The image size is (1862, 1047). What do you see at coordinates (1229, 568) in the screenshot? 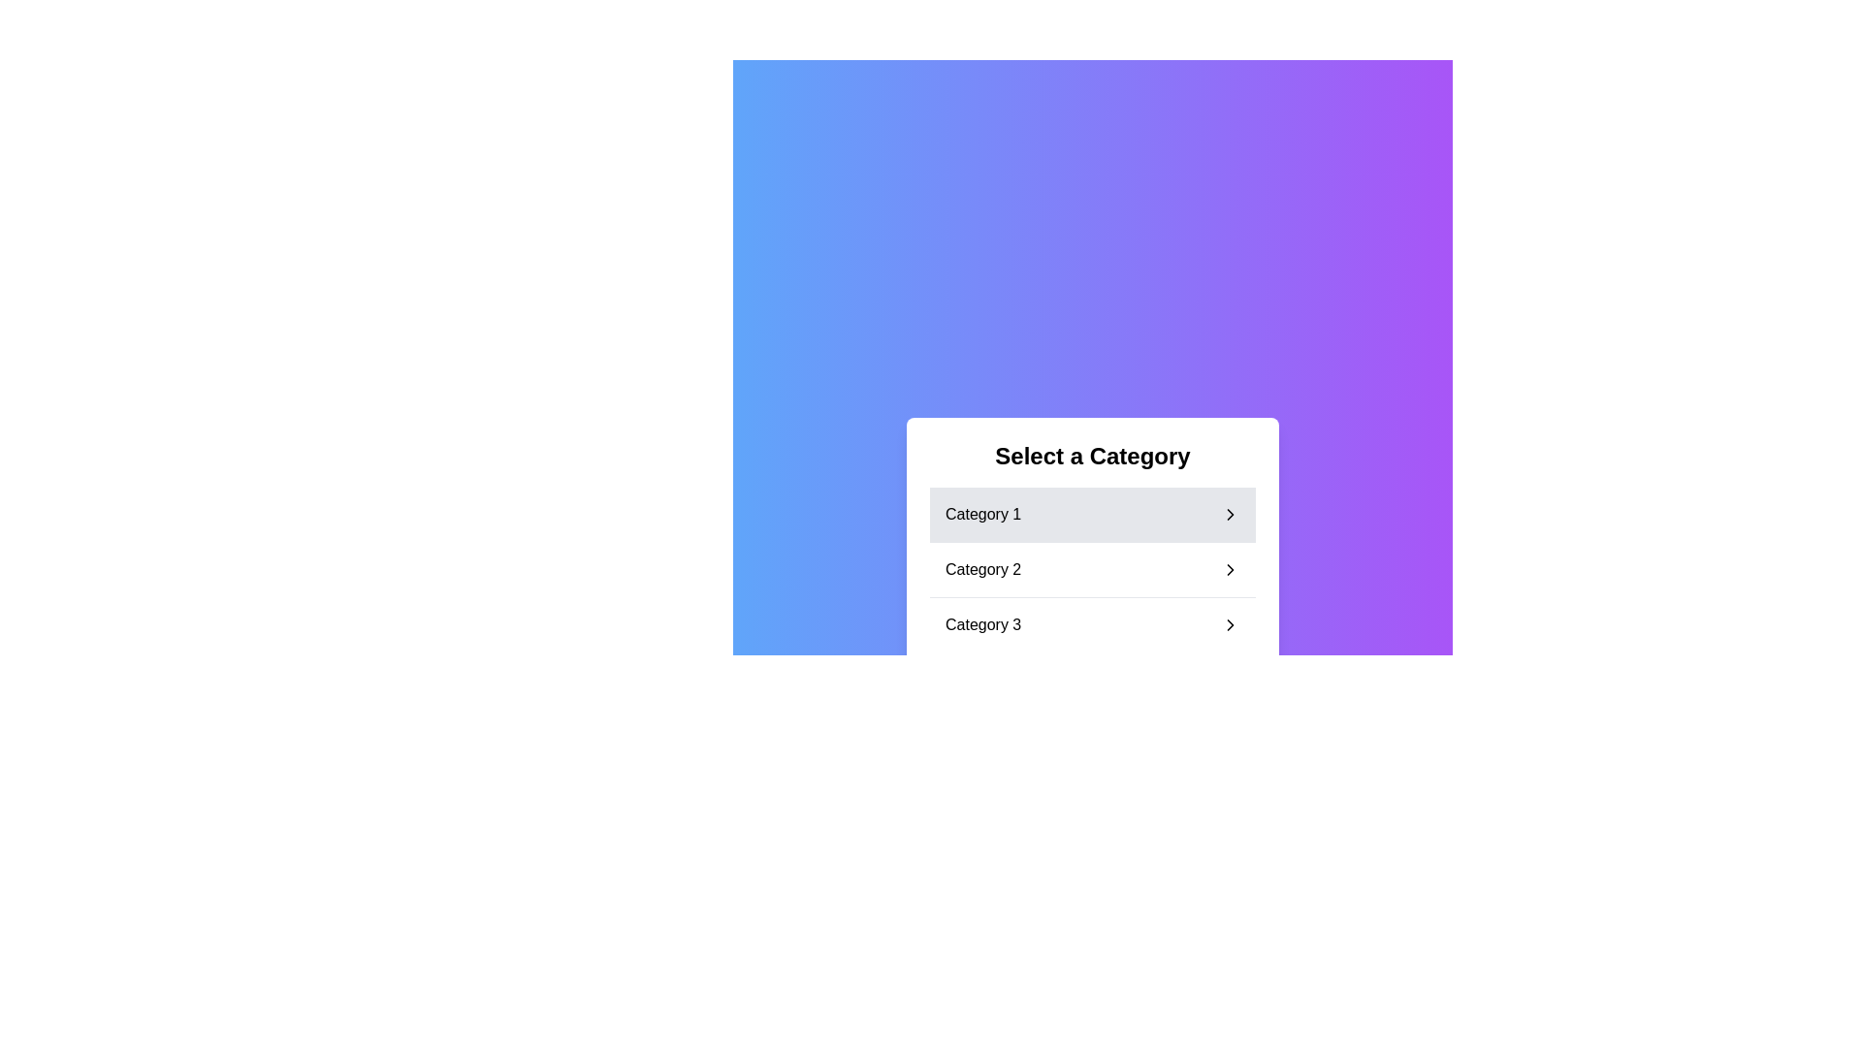
I see `the chevron-shaped icon pointing to the right, located at the far-right end of the 'Category 2' row in the popup card` at bounding box center [1229, 568].